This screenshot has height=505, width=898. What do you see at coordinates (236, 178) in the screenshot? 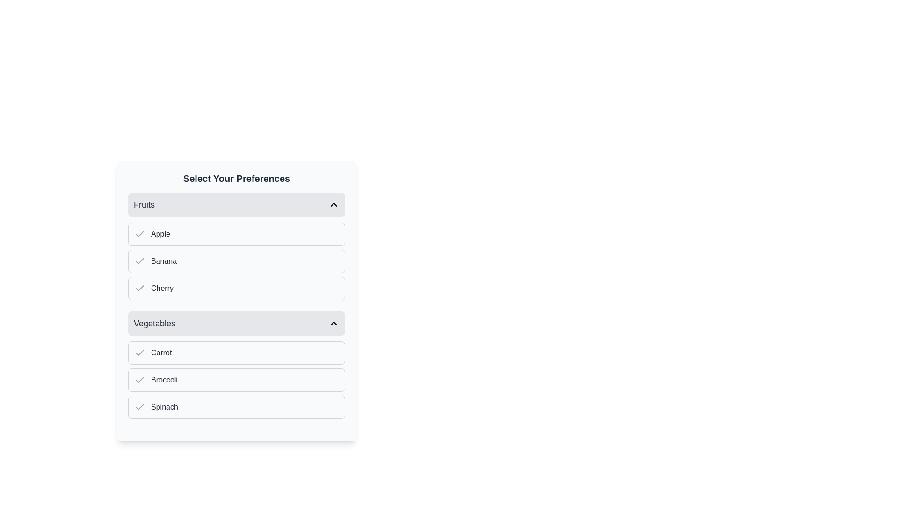
I see `the title or heading element located at the center-top of the interface, which serves as context for the subsequent content` at bounding box center [236, 178].